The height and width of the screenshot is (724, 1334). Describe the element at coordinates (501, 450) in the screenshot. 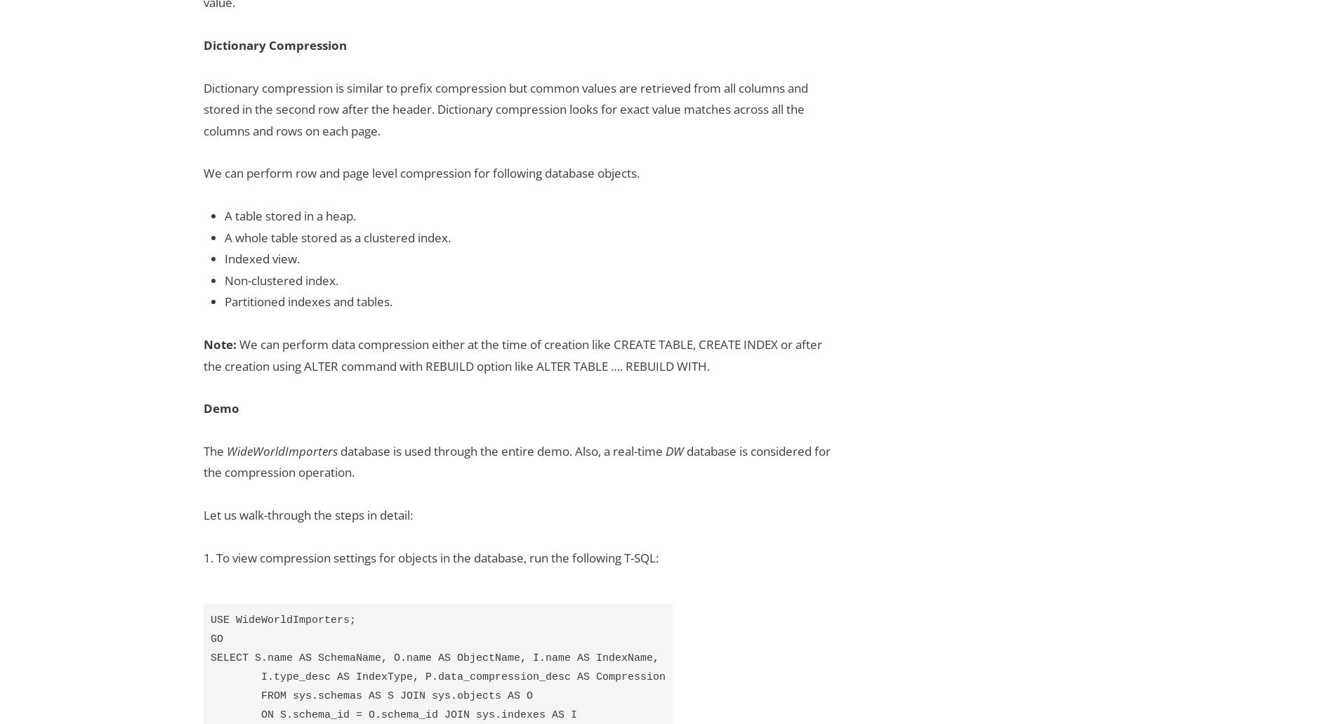

I see `'database is used through the entire demo. Also, a real-time'` at that location.